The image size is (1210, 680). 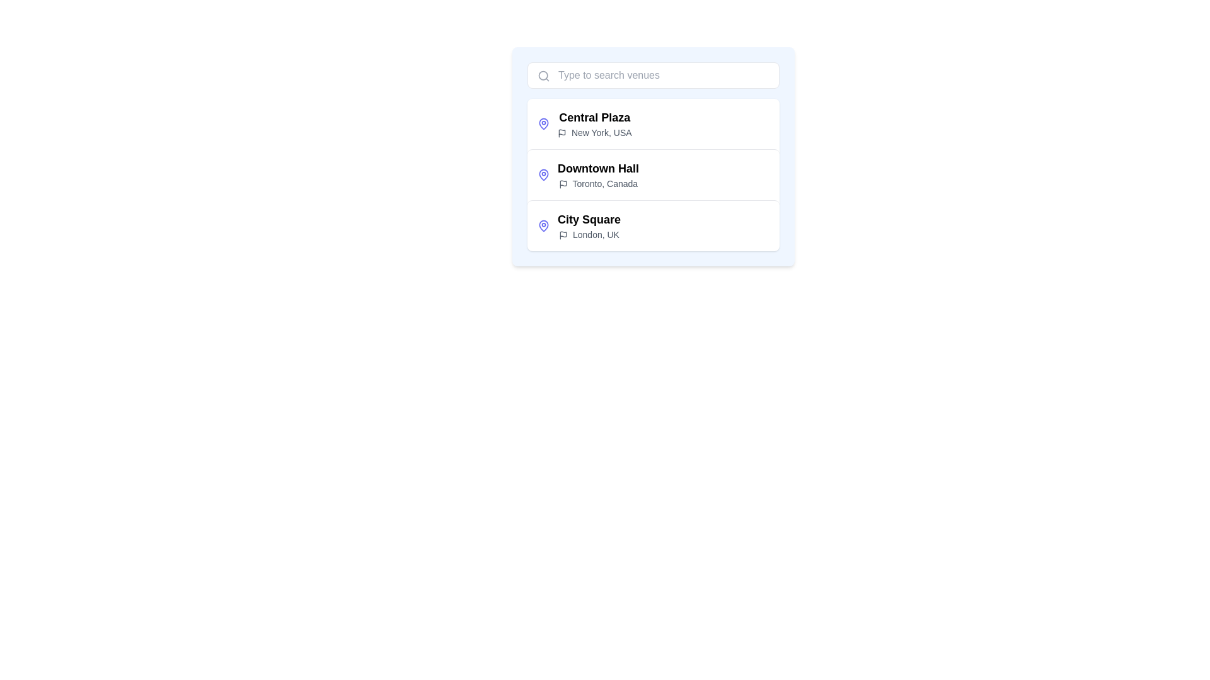 What do you see at coordinates (653, 174) in the screenshot?
I see `the second List item card in the selection list to highlight it` at bounding box center [653, 174].